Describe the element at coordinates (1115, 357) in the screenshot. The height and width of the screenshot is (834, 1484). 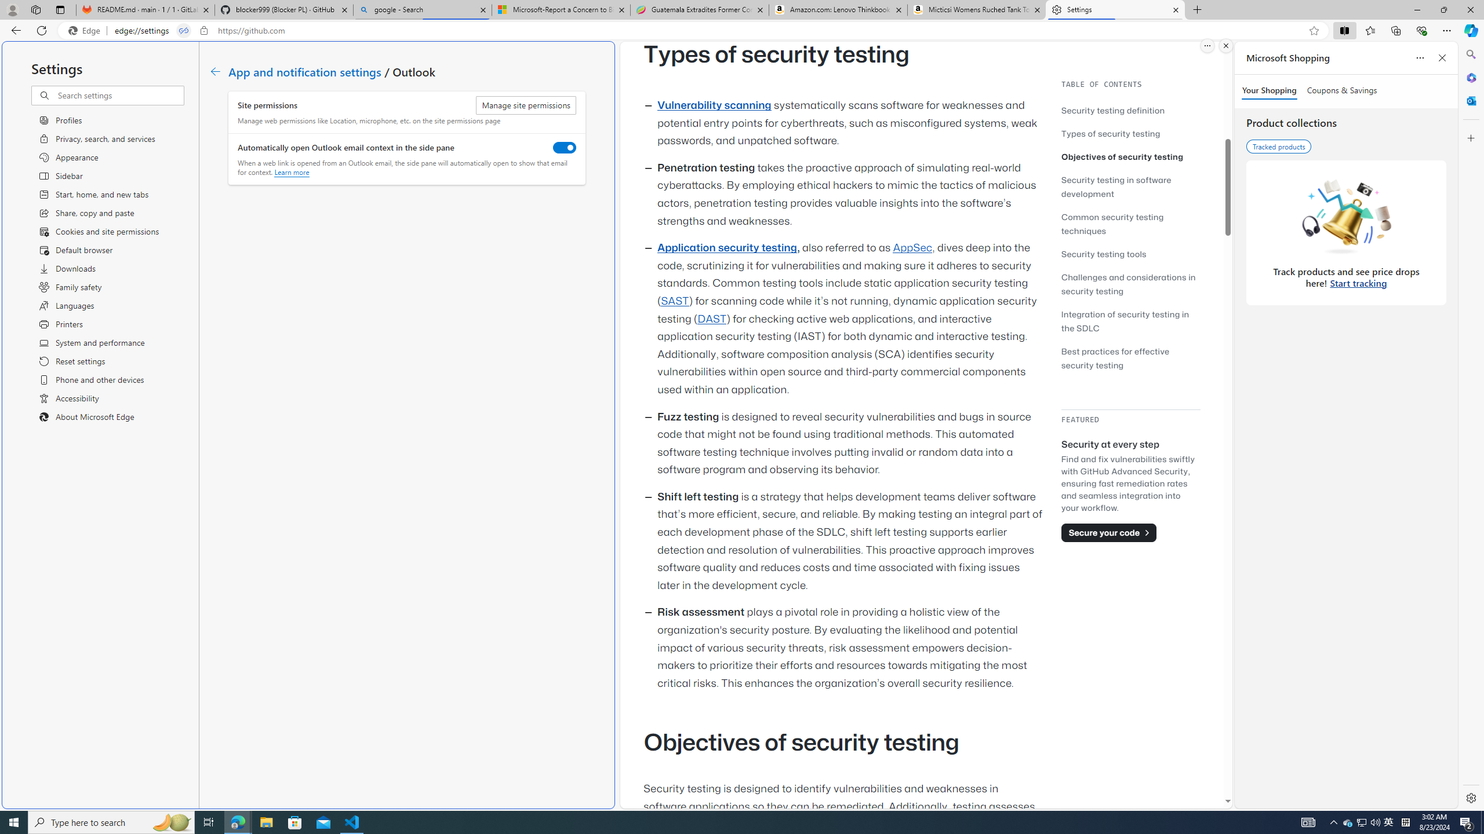
I see `'Best practices for effective security testing'` at that location.